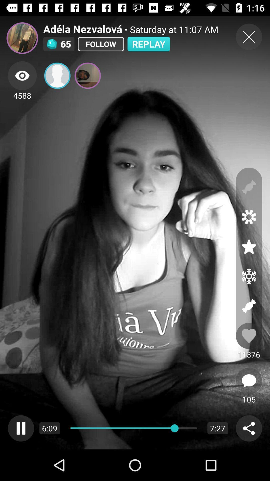  I want to click on the image, so click(87, 75).